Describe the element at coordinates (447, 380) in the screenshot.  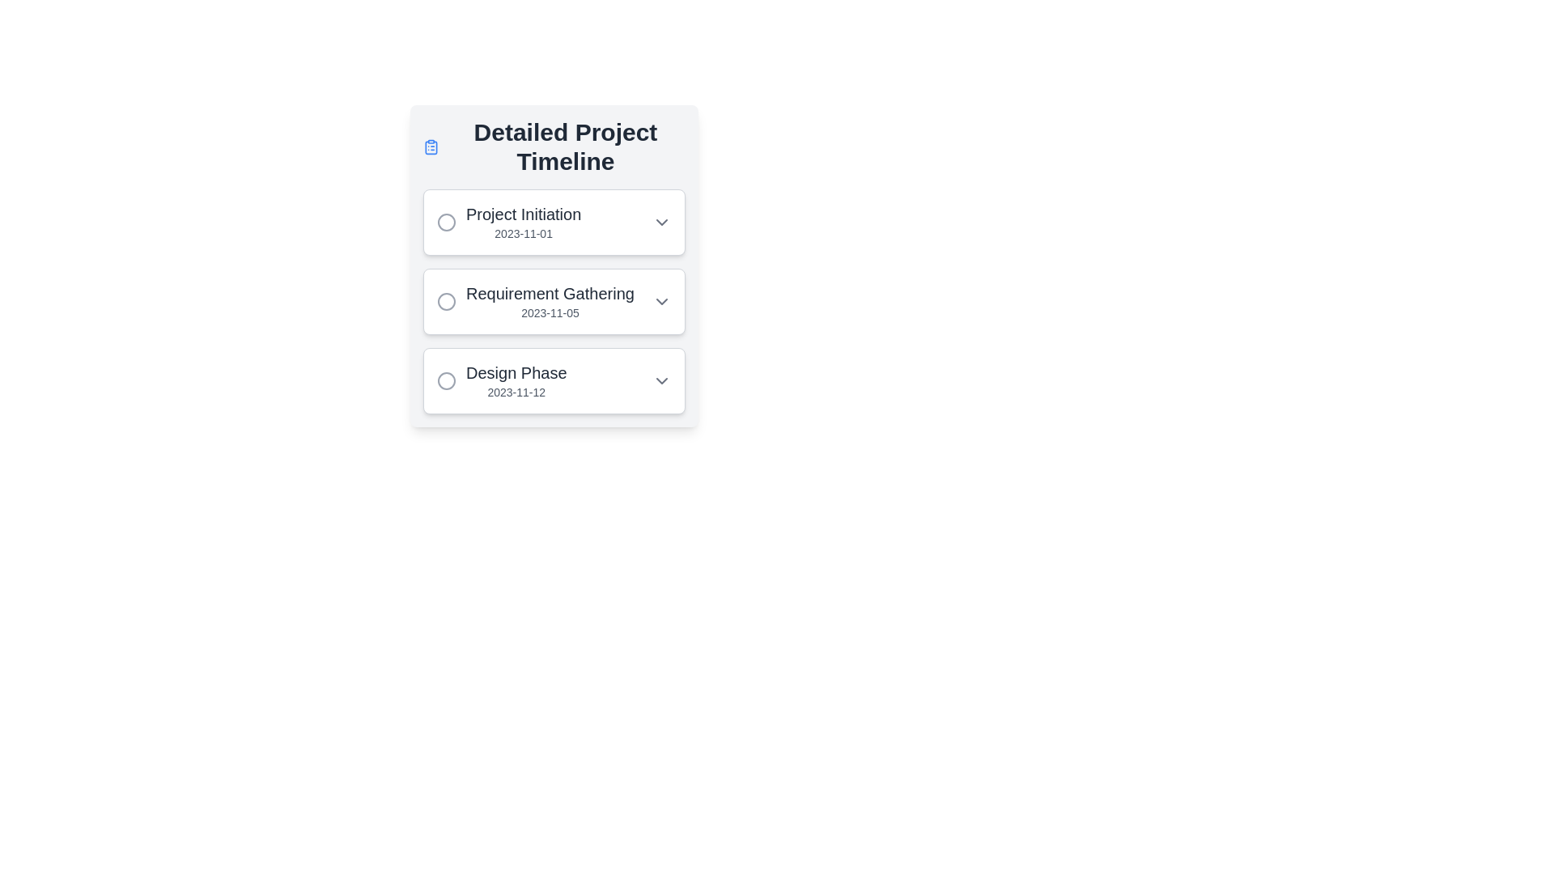
I see `the decorative or functional icon located in the leftmost region of the third row, aligned with the 'Design Phase' label and the date '2023-11-12'` at that location.